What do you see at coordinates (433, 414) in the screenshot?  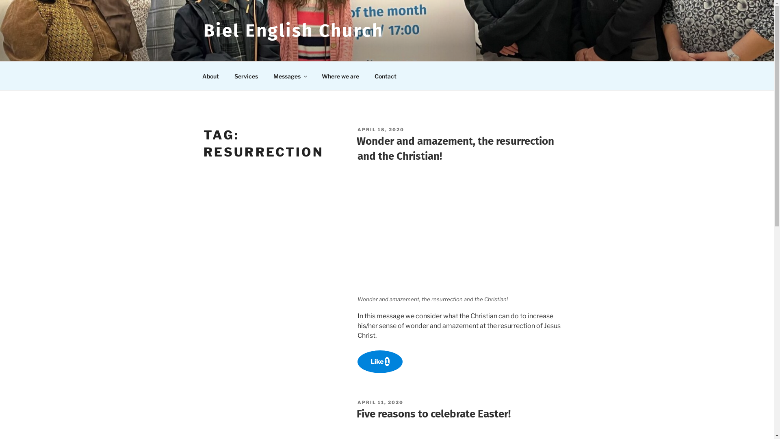 I see `'Five reasons to celebrate Easter!'` at bounding box center [433, 414].